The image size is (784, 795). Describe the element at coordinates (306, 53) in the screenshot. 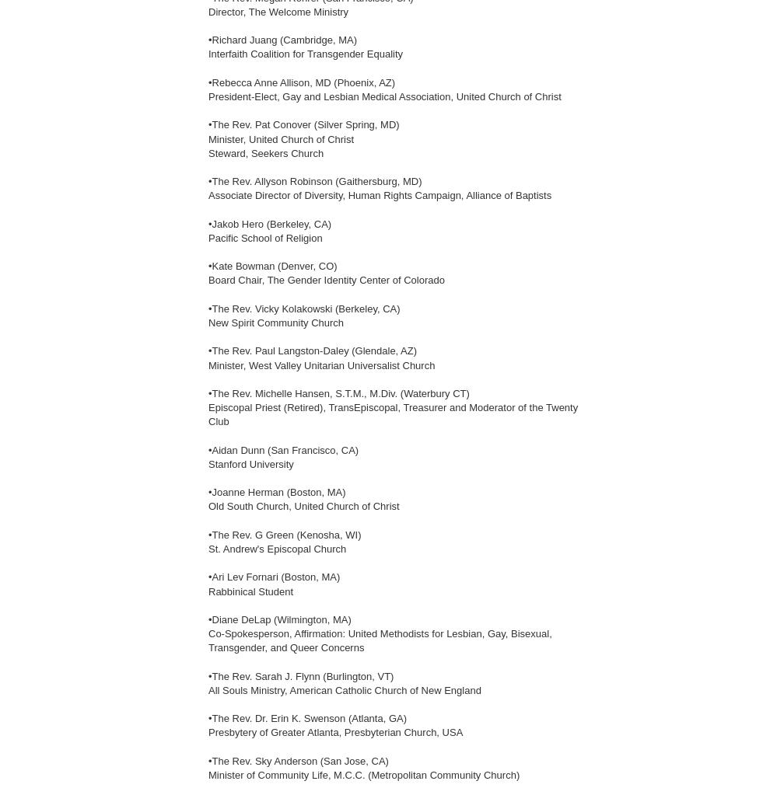

I see `'Interfaith Coalition for Transgender Equality'` at that location.